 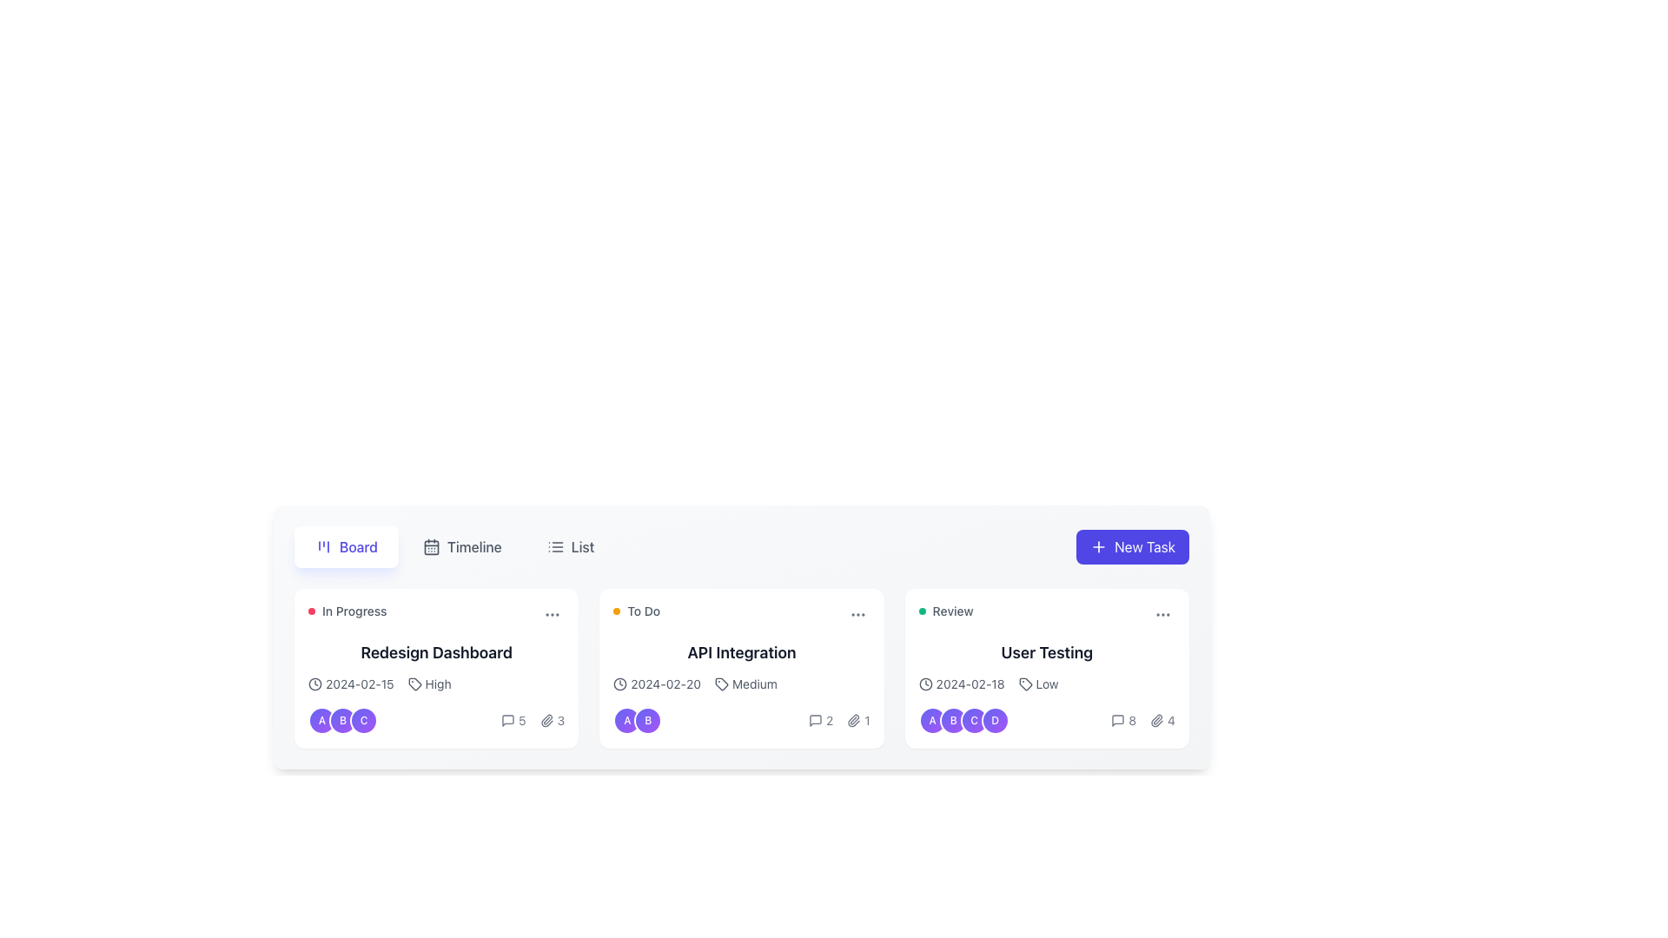 I want to click on the task status label indicating that the task is pending within the 'API Integration' card, so click(x=643, y=611).